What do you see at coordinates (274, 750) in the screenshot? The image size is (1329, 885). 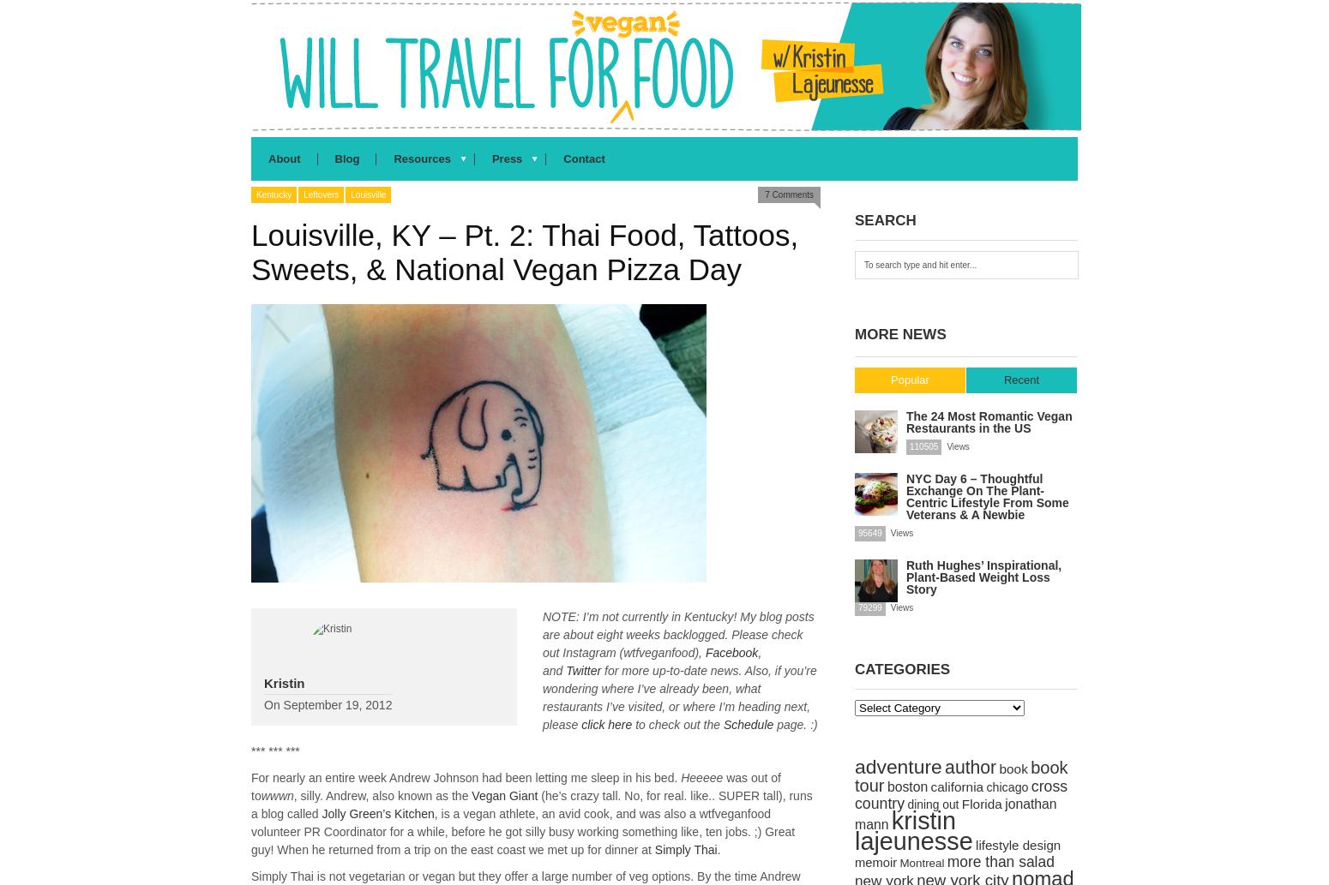 I see `'*** *** ***'` at bounding box center [274, 750].